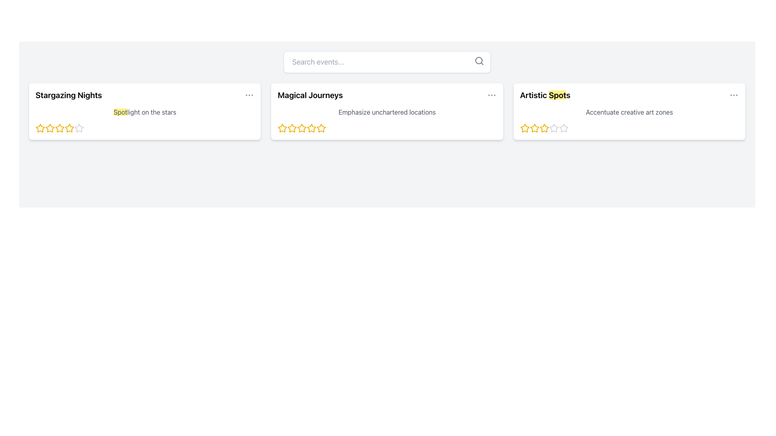 The image size is (776, 436). I want to click on the fourth star-shaped icon with a yellow outline in the rating bar under the 'Magical Journeys' card to set a rating level, so click(302, 128).